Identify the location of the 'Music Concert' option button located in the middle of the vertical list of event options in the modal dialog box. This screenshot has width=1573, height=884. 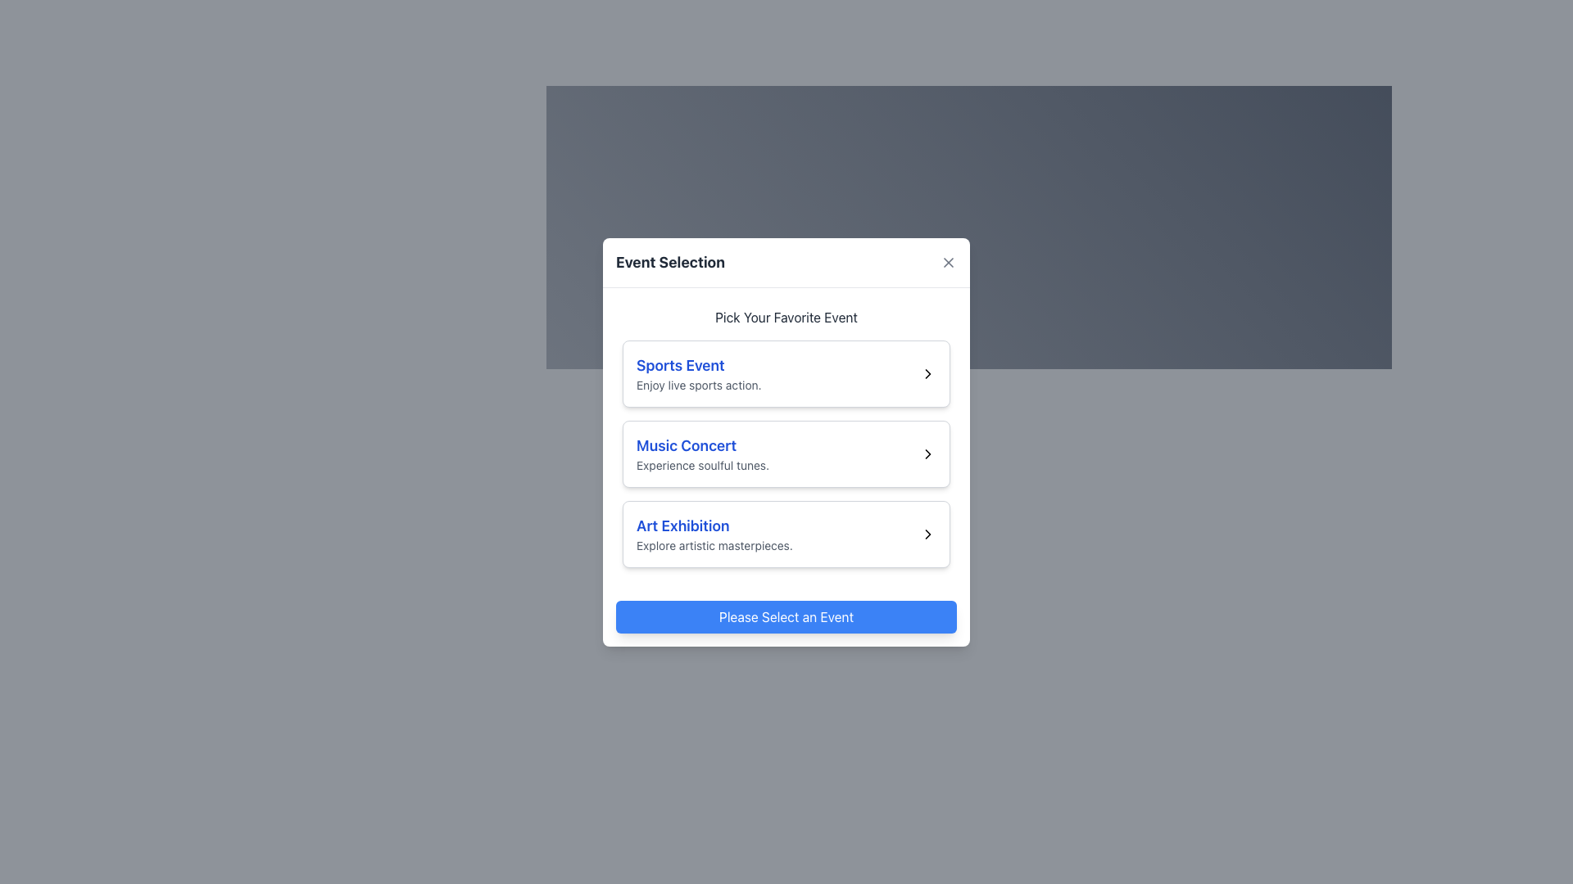
(786, 453).